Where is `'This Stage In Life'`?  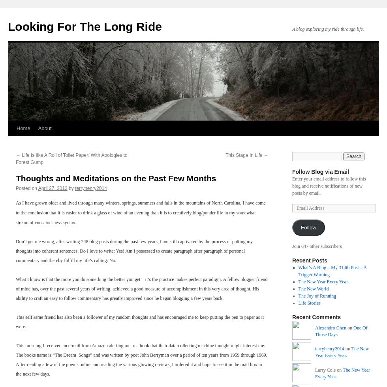 'This Stage In Life' is located at coordinates (244, 155).